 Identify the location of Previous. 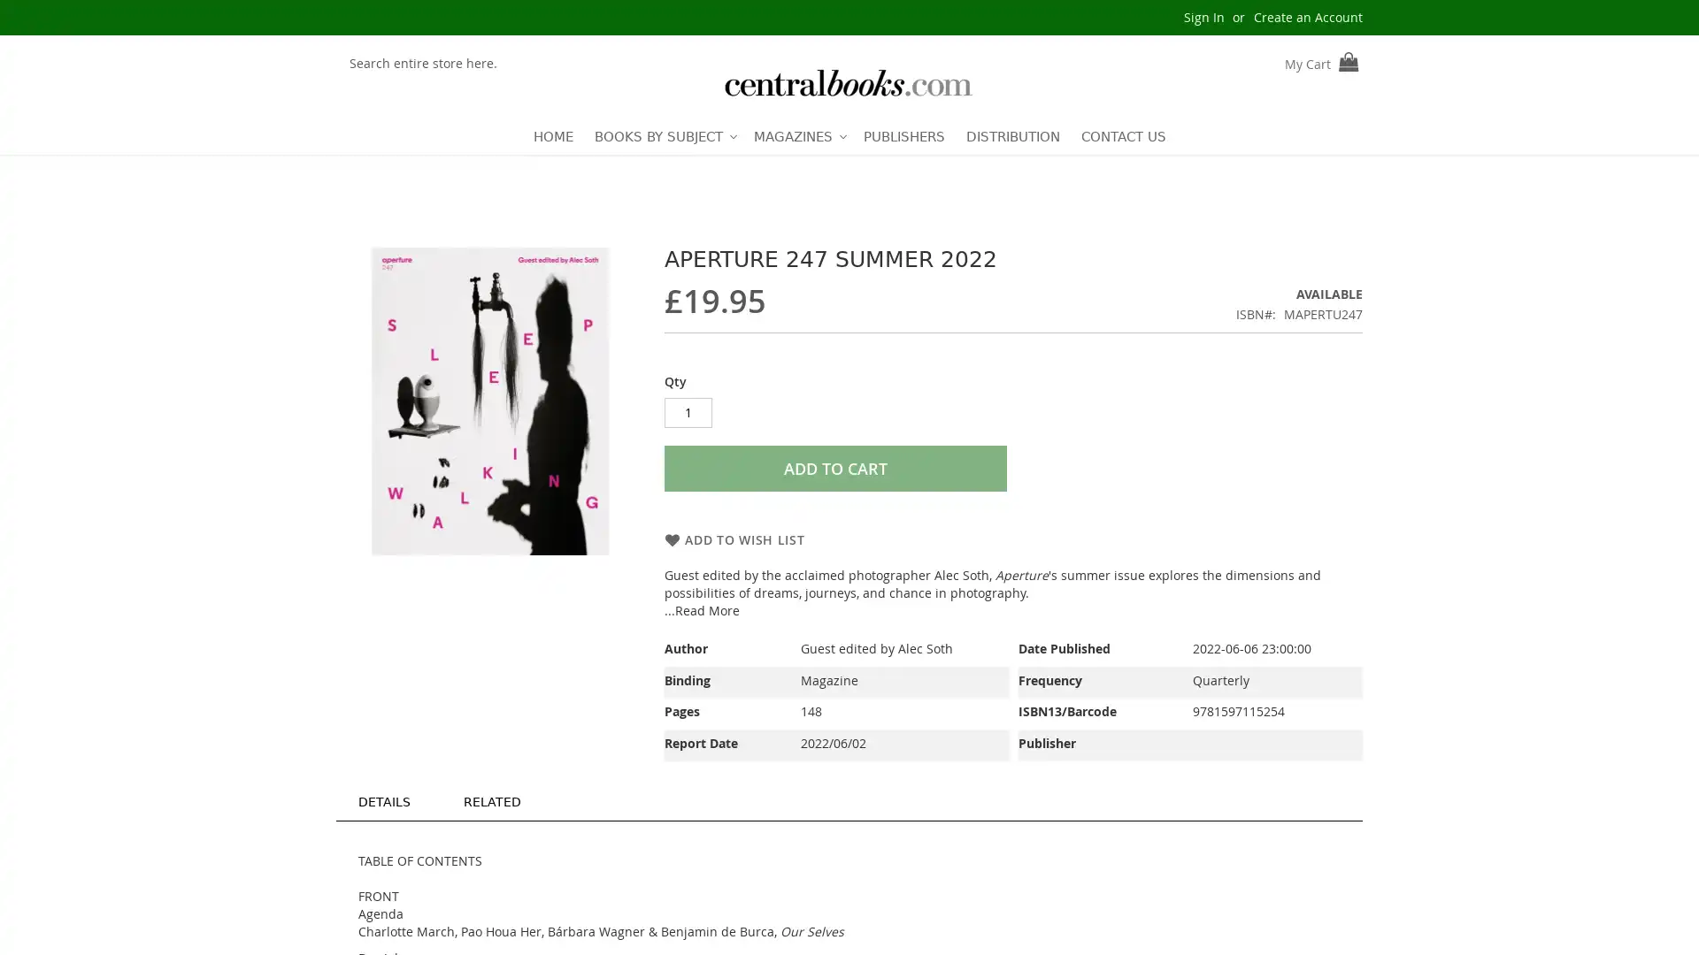
(371, 401).